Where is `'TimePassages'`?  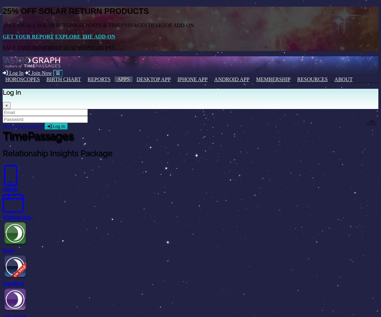 'TimePassages' is located at coordinates (2, 135).